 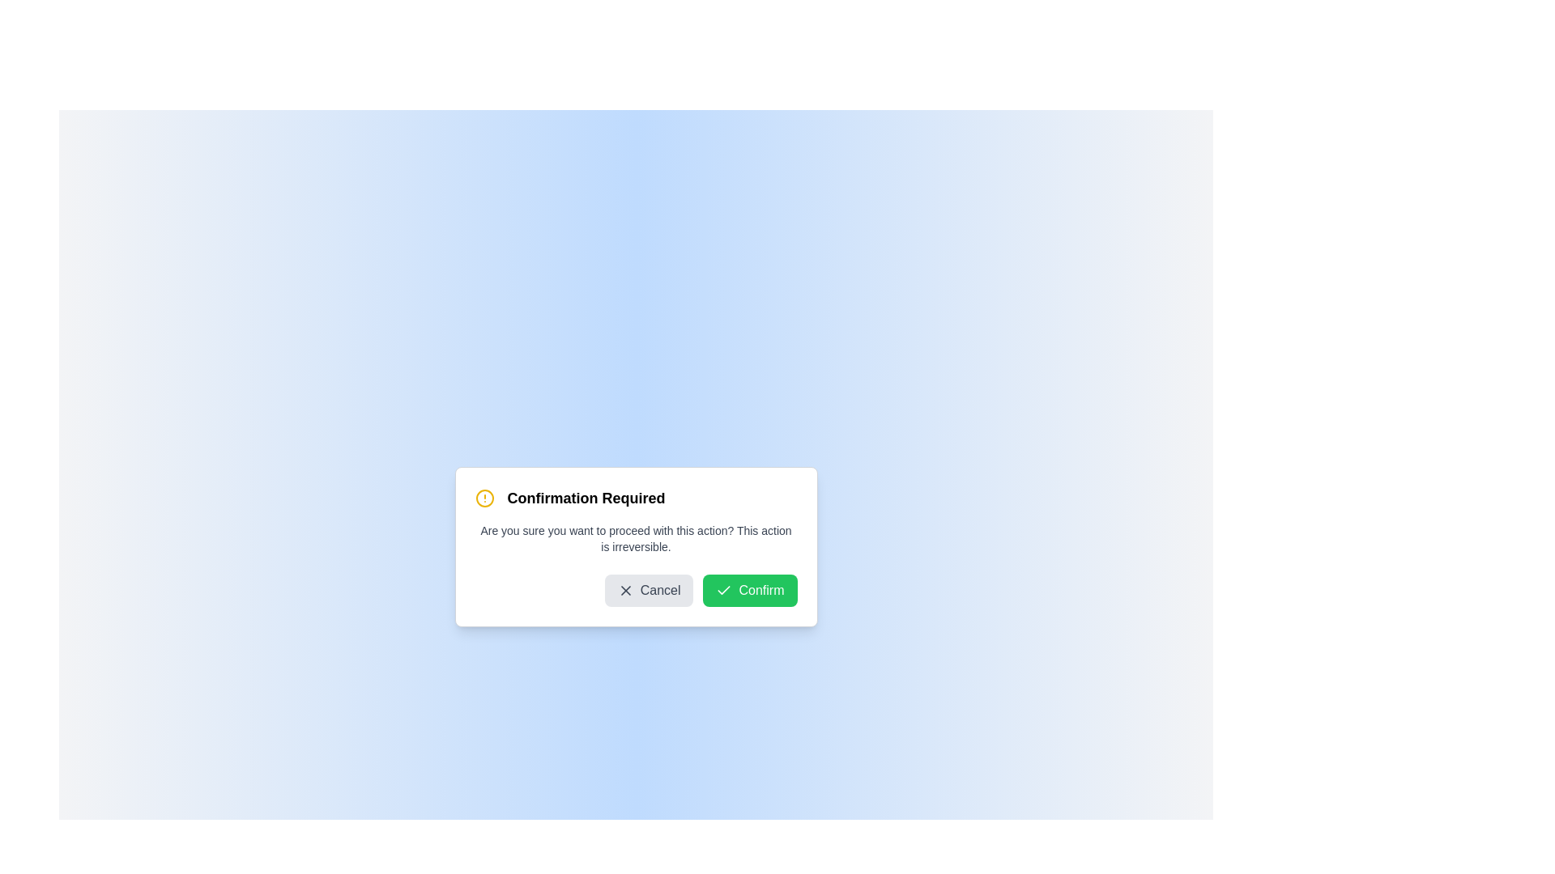 What do you see at coordinates (624, 590) in the screenshot?
I see `the cross icon located in the left section of the 'Cancel' button` at bounding box center [624, 590].